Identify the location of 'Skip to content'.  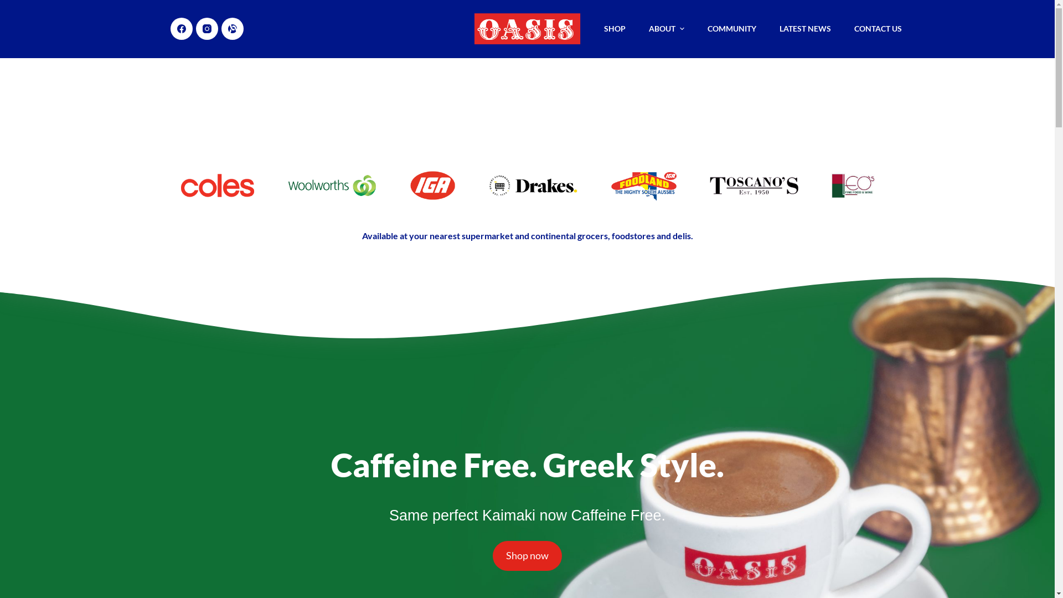
(11, 6).